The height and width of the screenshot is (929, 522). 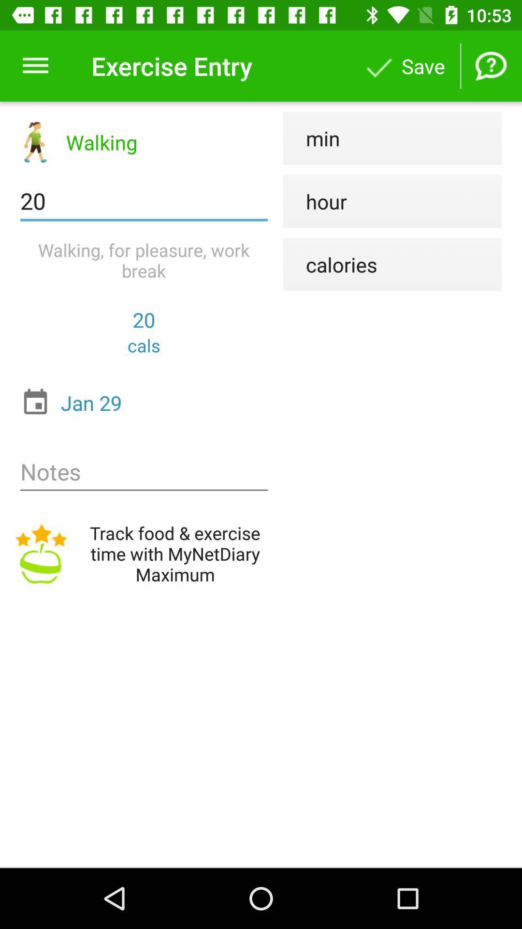 What do you see at coordinates (144, 554) in the screenshot?
I see `track food exercise item` at bounding box center [144, 554].